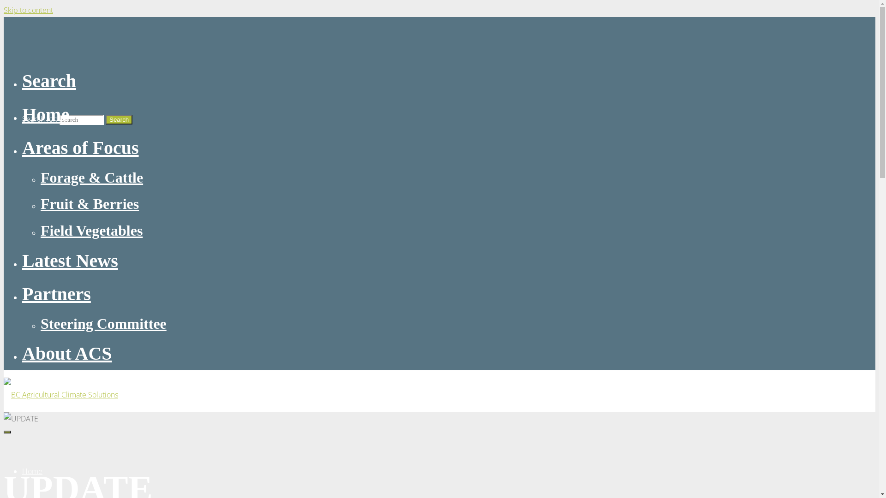 This screenshot has width=886, height=498. Describe the element at coordinates (60, 394) in the screenshot. I see `'BC Agricultural Climate Solutions'` at that location.